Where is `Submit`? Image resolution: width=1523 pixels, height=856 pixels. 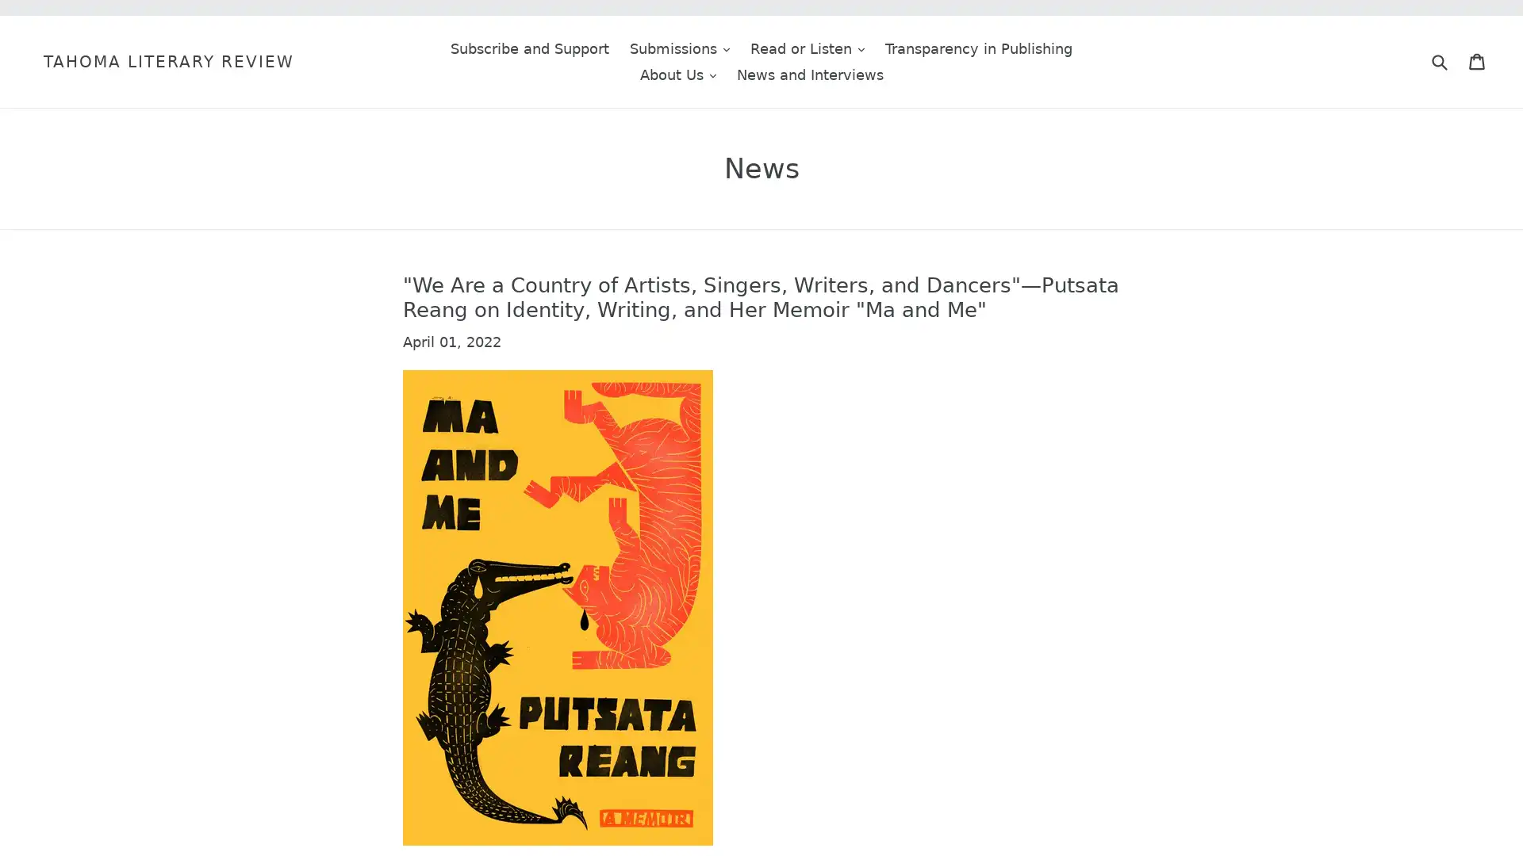 Submit is located at coordinates (1439, 60).